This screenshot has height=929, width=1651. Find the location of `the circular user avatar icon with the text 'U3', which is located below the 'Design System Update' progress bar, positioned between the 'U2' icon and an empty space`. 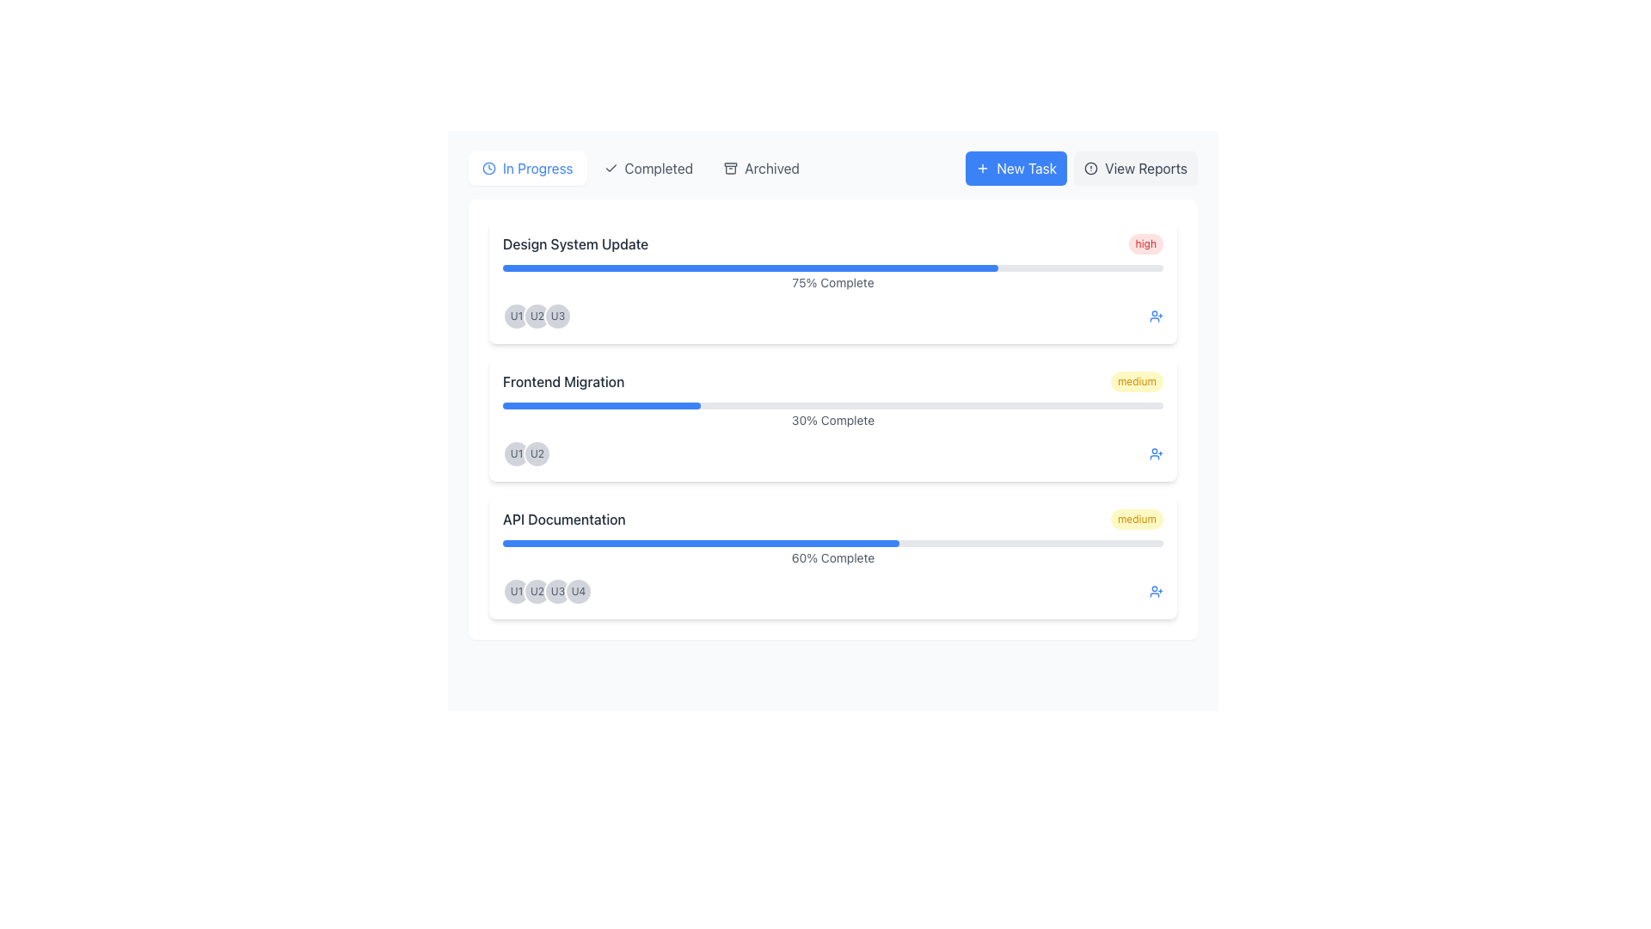

the circular user avatar icon with the text 'U3', which is located below the 'Design System Update' progress bar, positioned between the 'U2' icon and an empty space is located at coordinates (557, 316).